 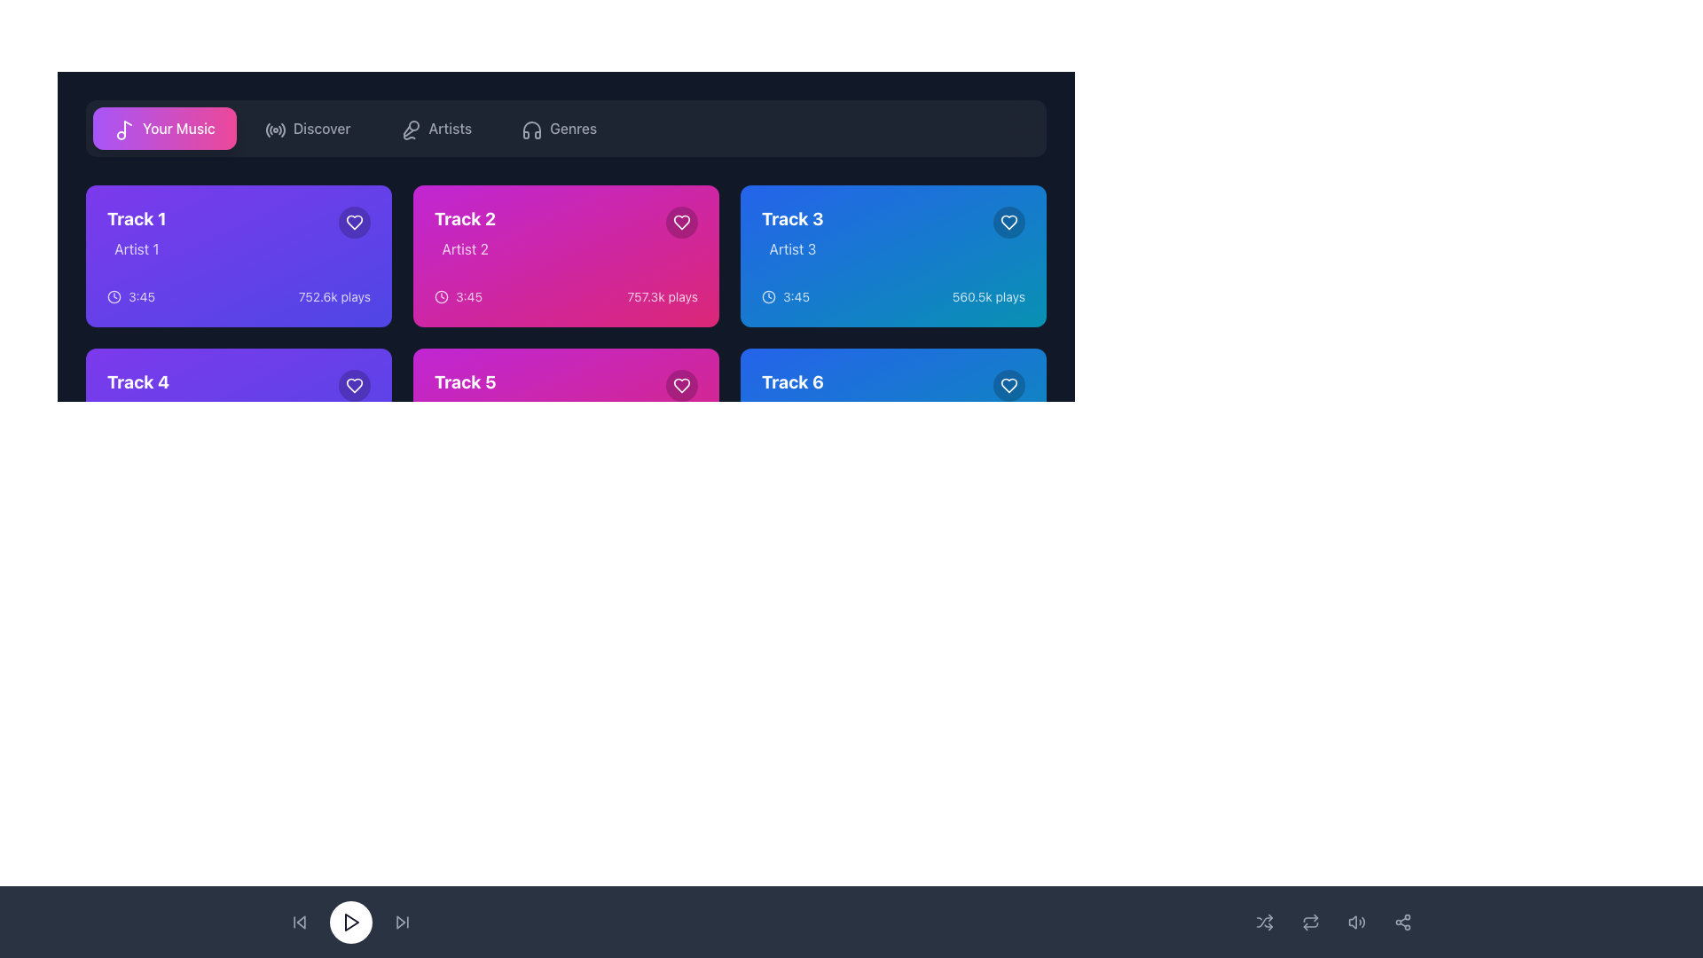 What do you see at coordinates (465, 232) in the screenshot?
I see `text displayed in the music track component located in the second column of the top row, showing details of the track name and artist, positioned to the right of 'Track 1' and above 'Track 5'` at bounding box center [465, 232].